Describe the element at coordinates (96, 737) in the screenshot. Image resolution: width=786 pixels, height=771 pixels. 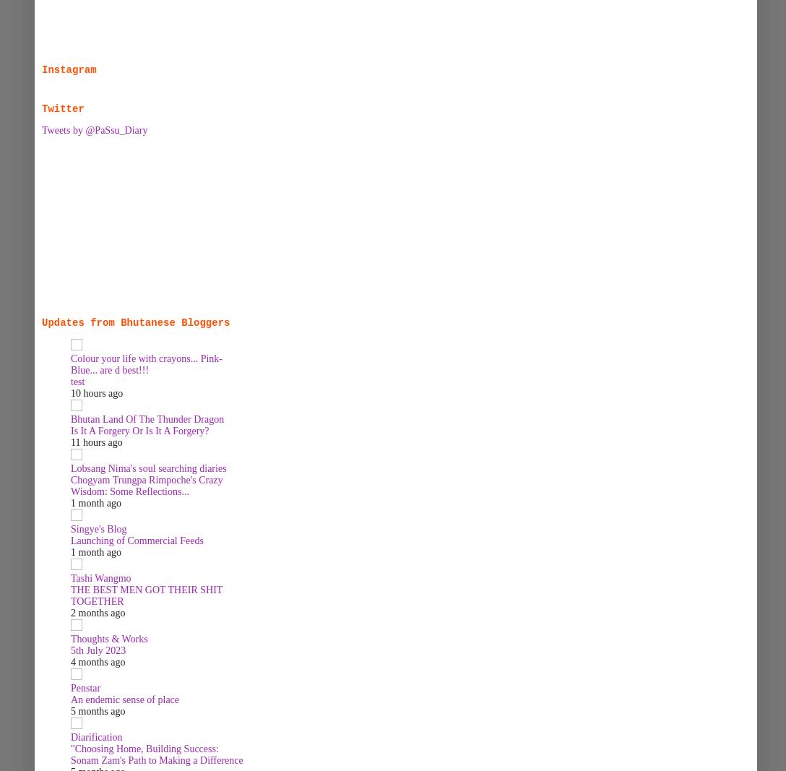
I see `'Diarification'` at that location.